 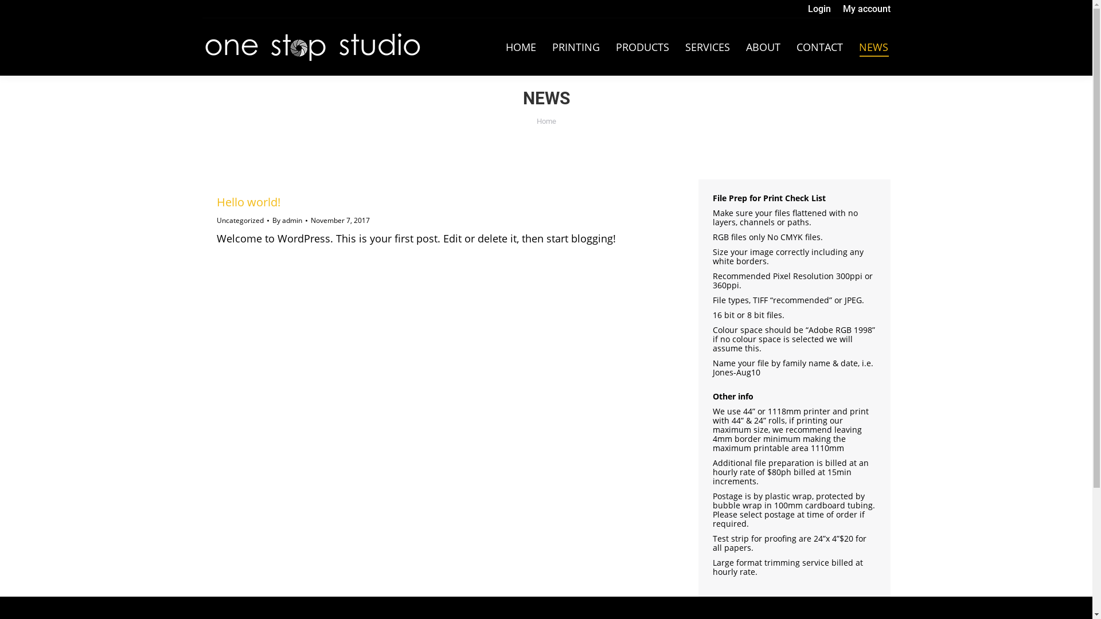 What do you see at coordinates (842, 9) in the screenshot?
I see `'My account'` at bounding box center [842, 9].